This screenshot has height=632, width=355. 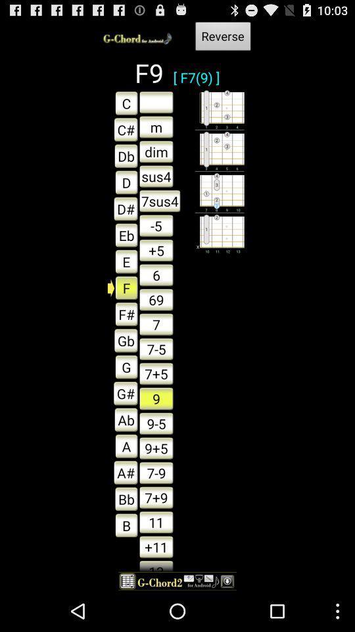 What do you see at coordinates (122, 155) in the screenshot?
I see `db button` at bounding box center [122, 155].